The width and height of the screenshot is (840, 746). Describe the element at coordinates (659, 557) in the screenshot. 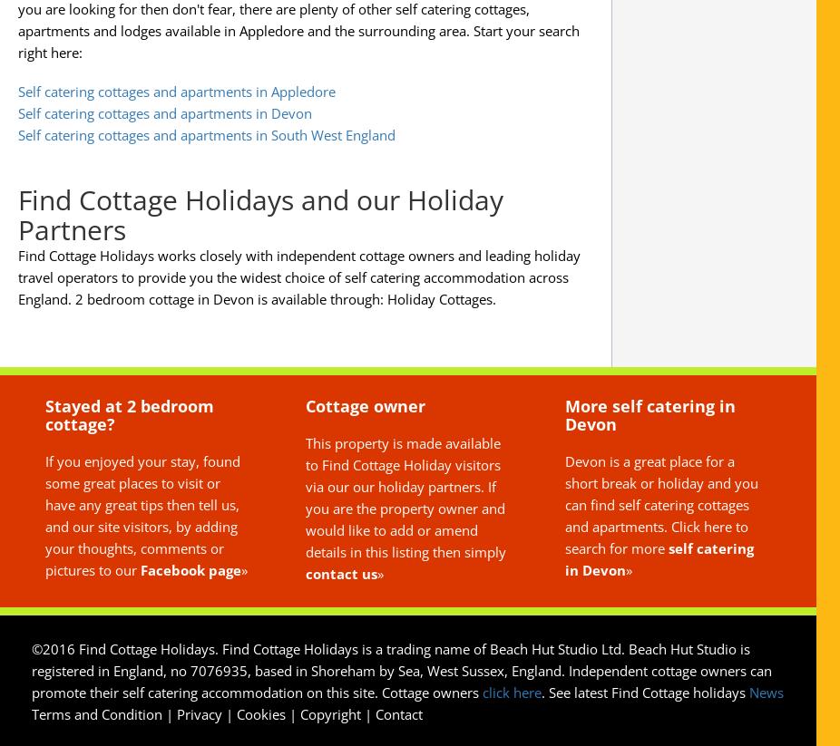

I see `'self catering in Devon'` at that location.